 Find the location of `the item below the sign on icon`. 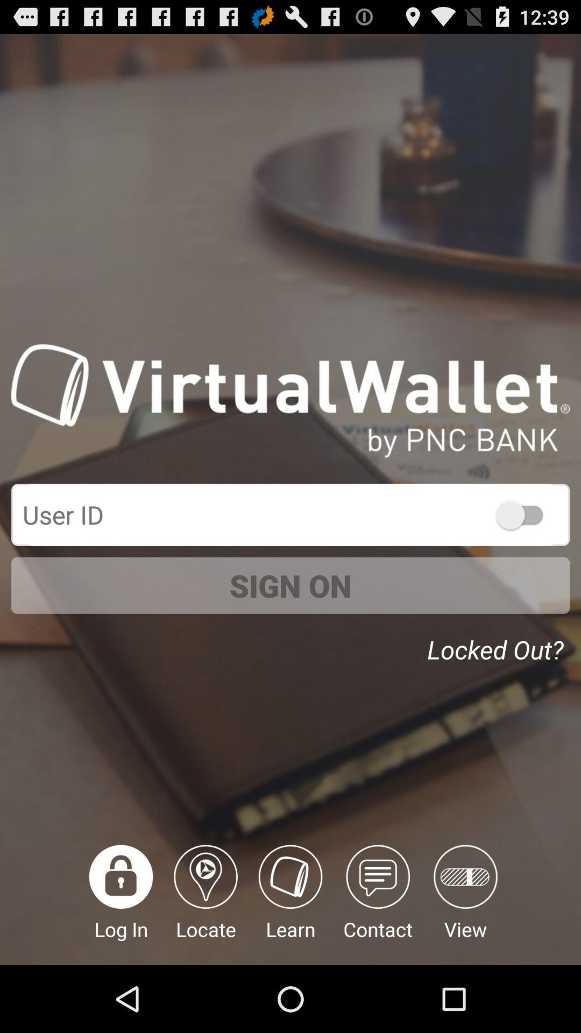

the item below the sign on icon is located at coordinates (206, 904).